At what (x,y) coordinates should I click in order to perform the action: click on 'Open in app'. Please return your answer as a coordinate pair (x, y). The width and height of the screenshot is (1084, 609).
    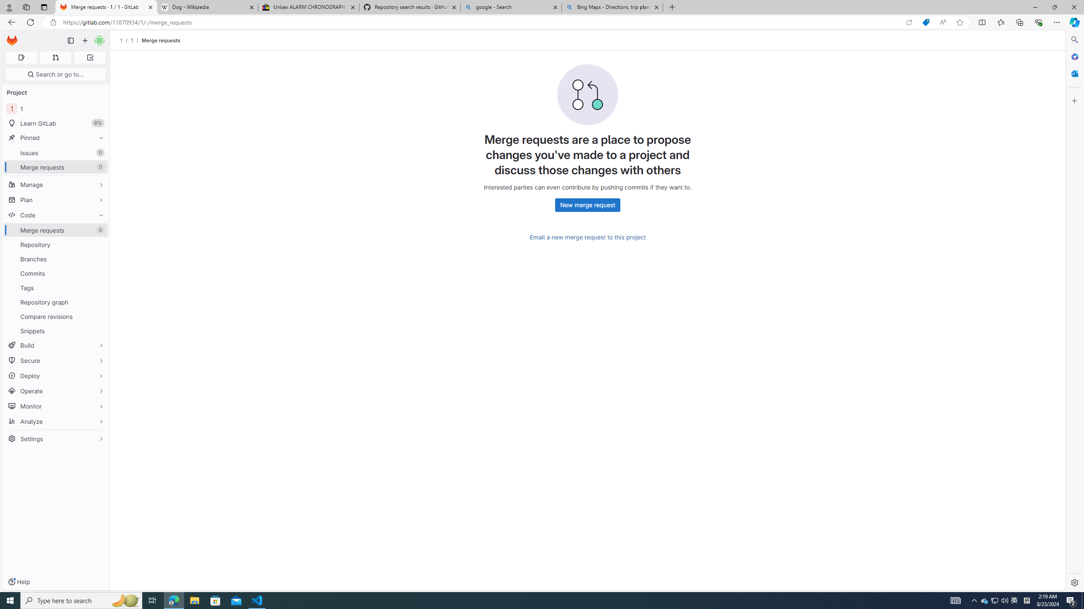
    Looking at the image, I should click on (908, 22).